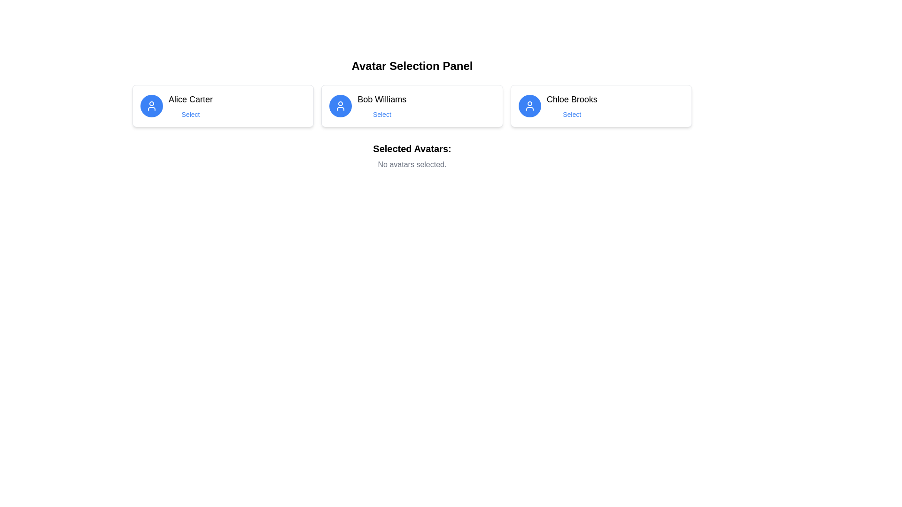 The height and width of the screenshot is (507, 902). I want to click on the user avatar icon representing 'Alice Carter', which is the first avatar in a row of user cards, centered within a blue circular background, so click(151, 106).